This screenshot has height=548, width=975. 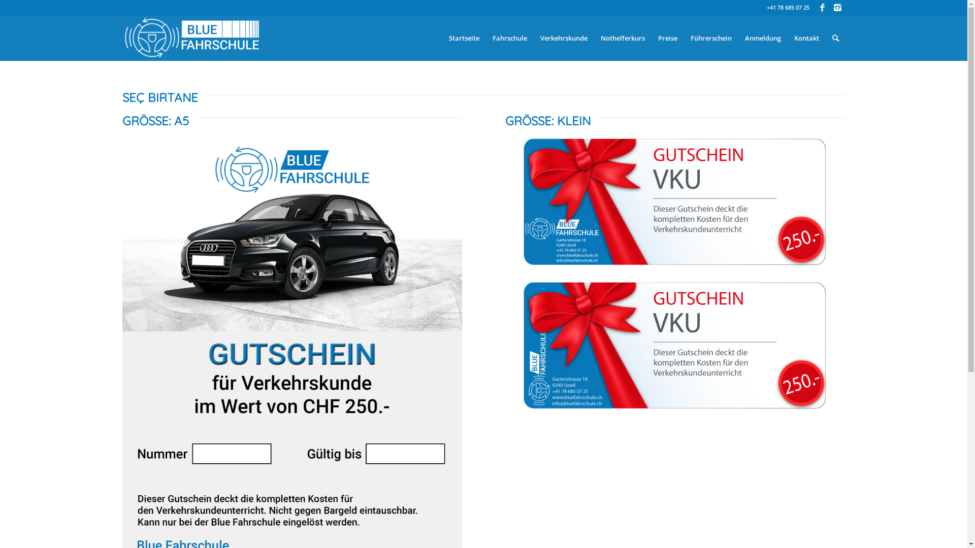 I want to click on 'Fahrschule', so click(x=484, y=37).